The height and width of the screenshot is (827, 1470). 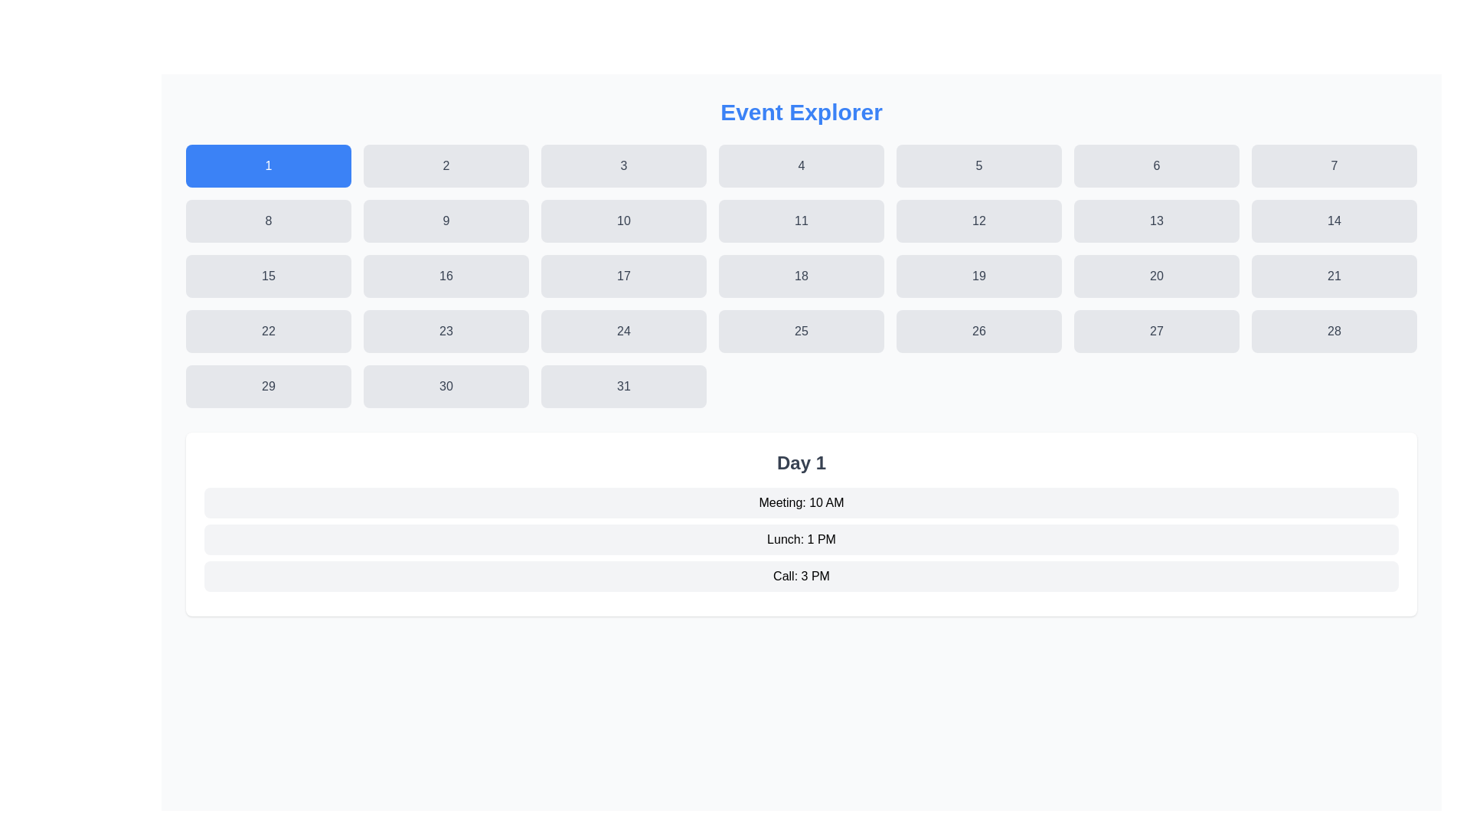 What do you see at coordinates (624, 165) in the screenshot?
I see `the selectable day button representing day '3'` at bounding box center [624, 165].